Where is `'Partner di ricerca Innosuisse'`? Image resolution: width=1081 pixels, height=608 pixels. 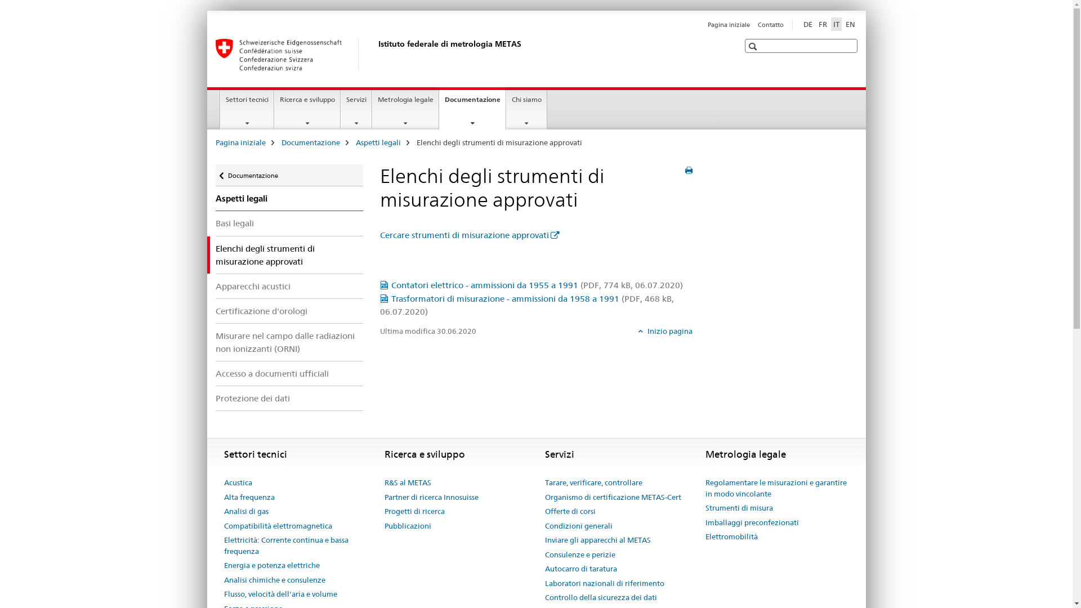 'Partner di ricerca Innosuisse' is located at coordinates (430, 497).